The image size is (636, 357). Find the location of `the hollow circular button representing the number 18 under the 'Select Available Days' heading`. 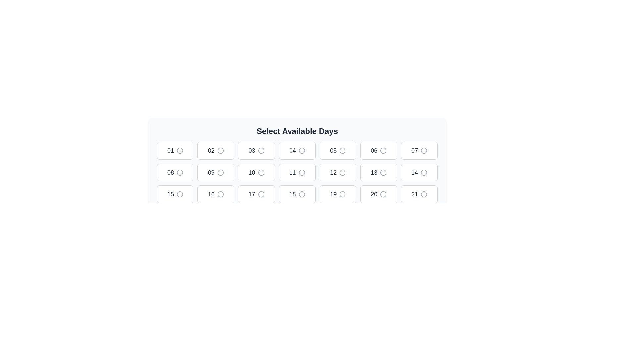

the hollow circular button representing the number 18 under the 'Select Available Days' heading is located at coordinates (301, 194).